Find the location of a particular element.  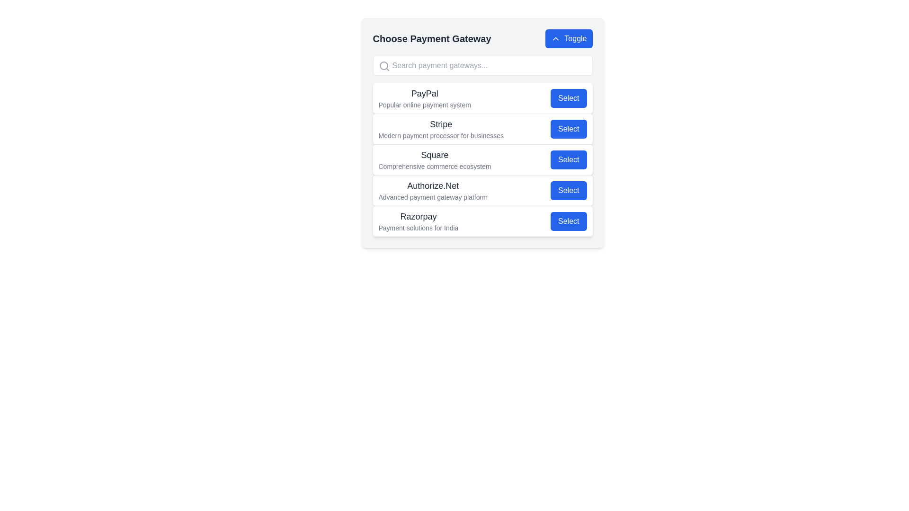

the search icon located on the left side of the search input field is located at coordinates (384, 65).